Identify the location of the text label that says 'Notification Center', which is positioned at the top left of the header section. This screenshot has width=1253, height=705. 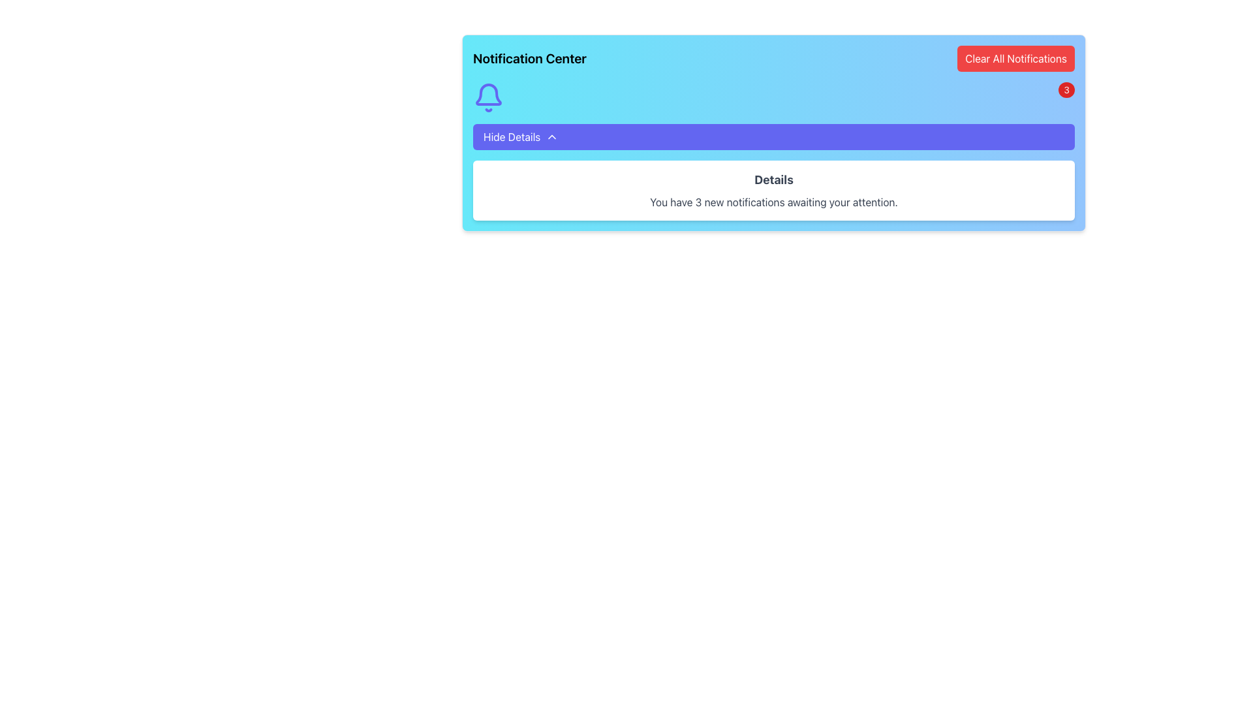
(529, 57).